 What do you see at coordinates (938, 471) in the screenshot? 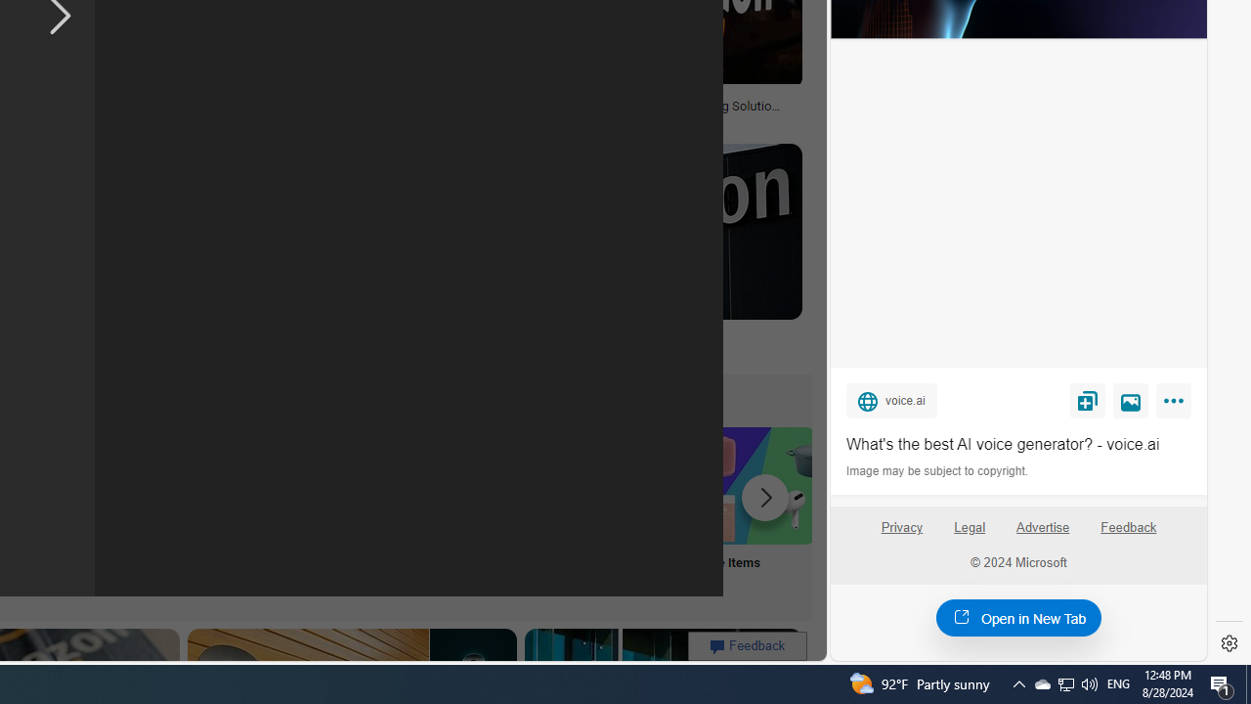
I see `'Image may be subject to copyright.'` at bounding box center [938, 471].